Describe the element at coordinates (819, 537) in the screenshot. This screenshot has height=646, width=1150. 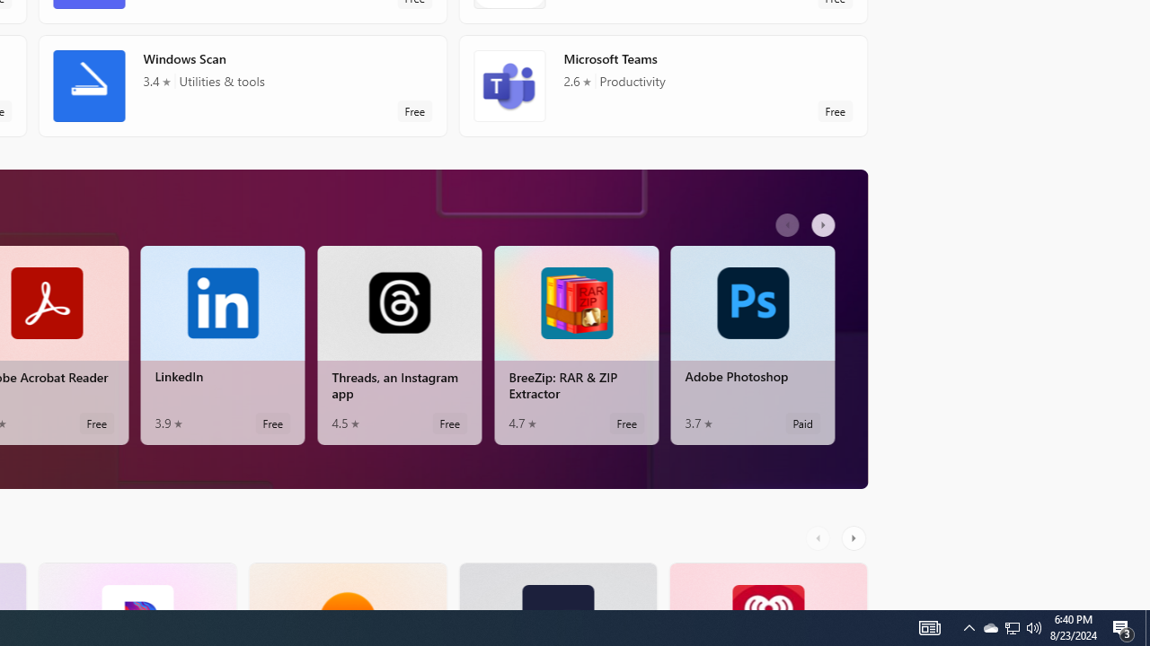
I see `'AutomationID: LeftScrollButton'` at that location.